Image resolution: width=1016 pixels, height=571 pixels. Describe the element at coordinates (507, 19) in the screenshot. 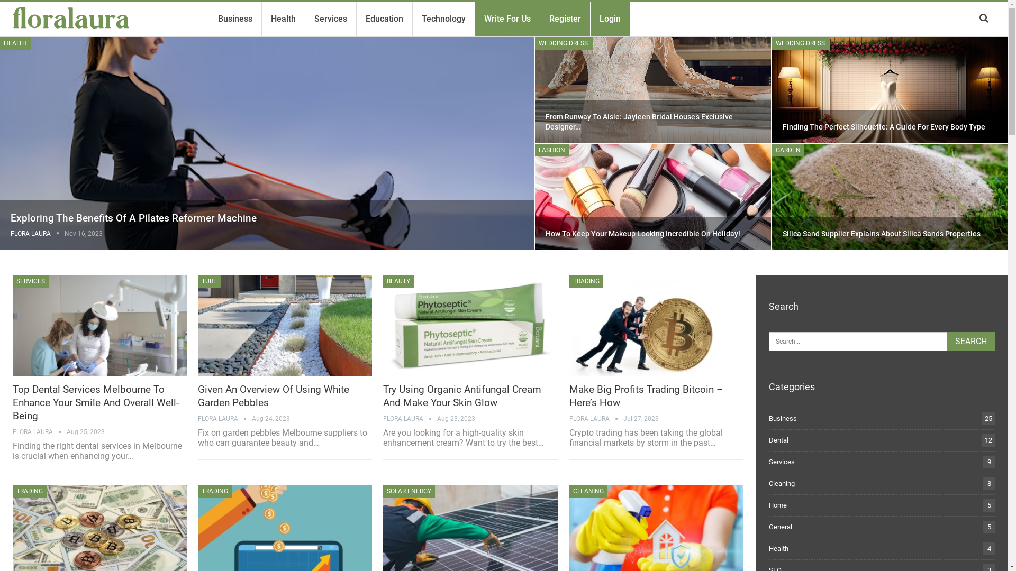

I see `'Write For Us'` at that location.